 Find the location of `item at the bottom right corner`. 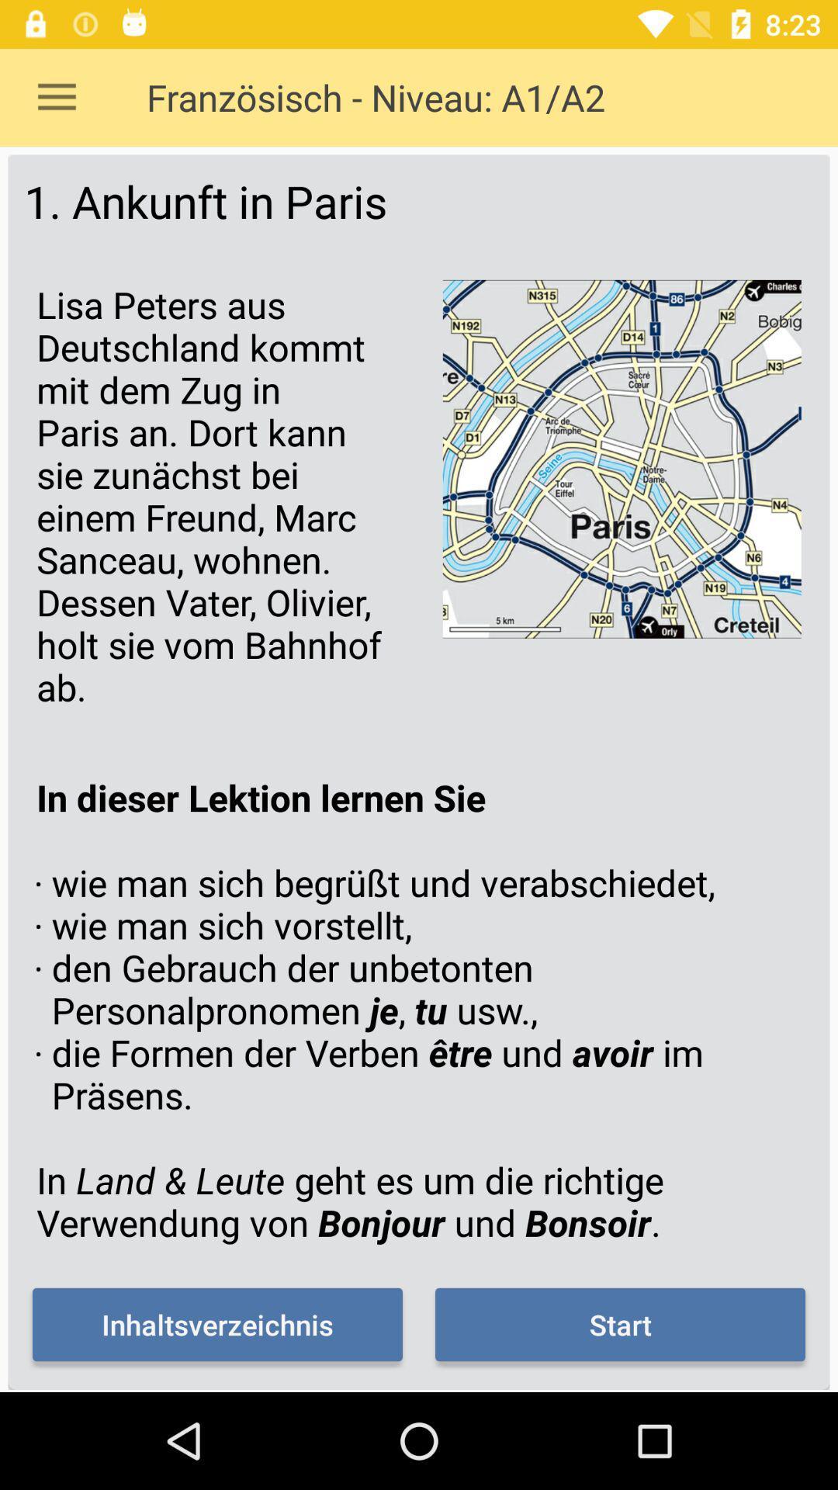

item at the bottom right corner is located at coordinates (619, 1324).